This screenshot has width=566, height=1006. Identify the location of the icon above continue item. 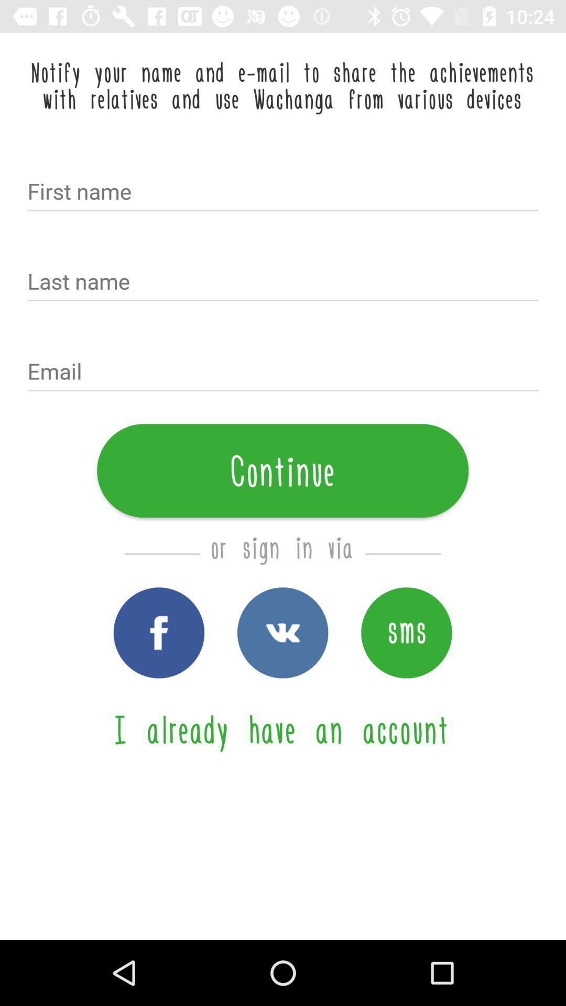
(283, 373).